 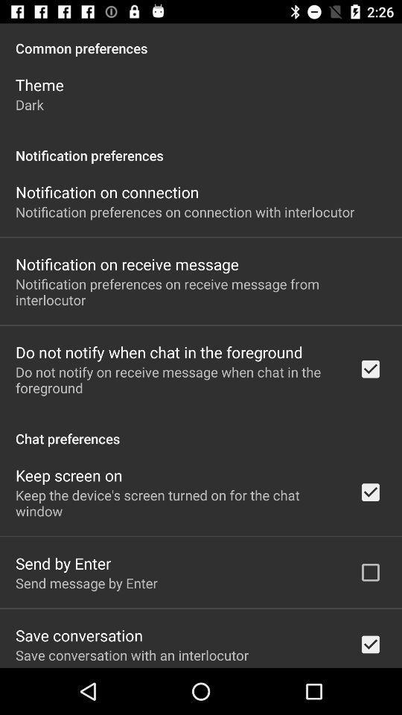 I want to click on the icon above the keep screen on app, so click(x=201, y=430).